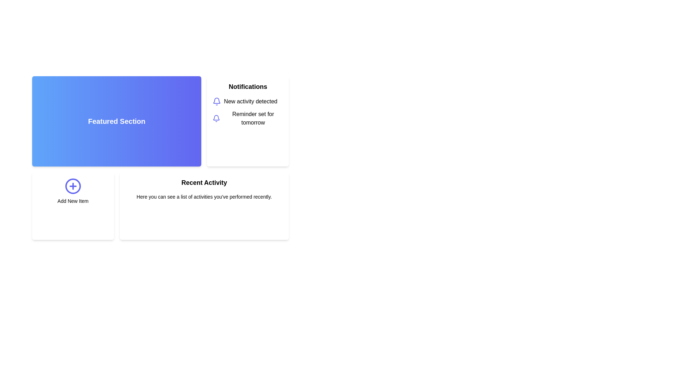 The width and height of the screenshot is (678, 381). What do you see at coordinates (248, 102) in the screenshot?
I see `the first notification in the 'Notifications' section, which displays an indigo-outlined bell icon and the text 'New activity detected'` at bounding box center [248, 102].